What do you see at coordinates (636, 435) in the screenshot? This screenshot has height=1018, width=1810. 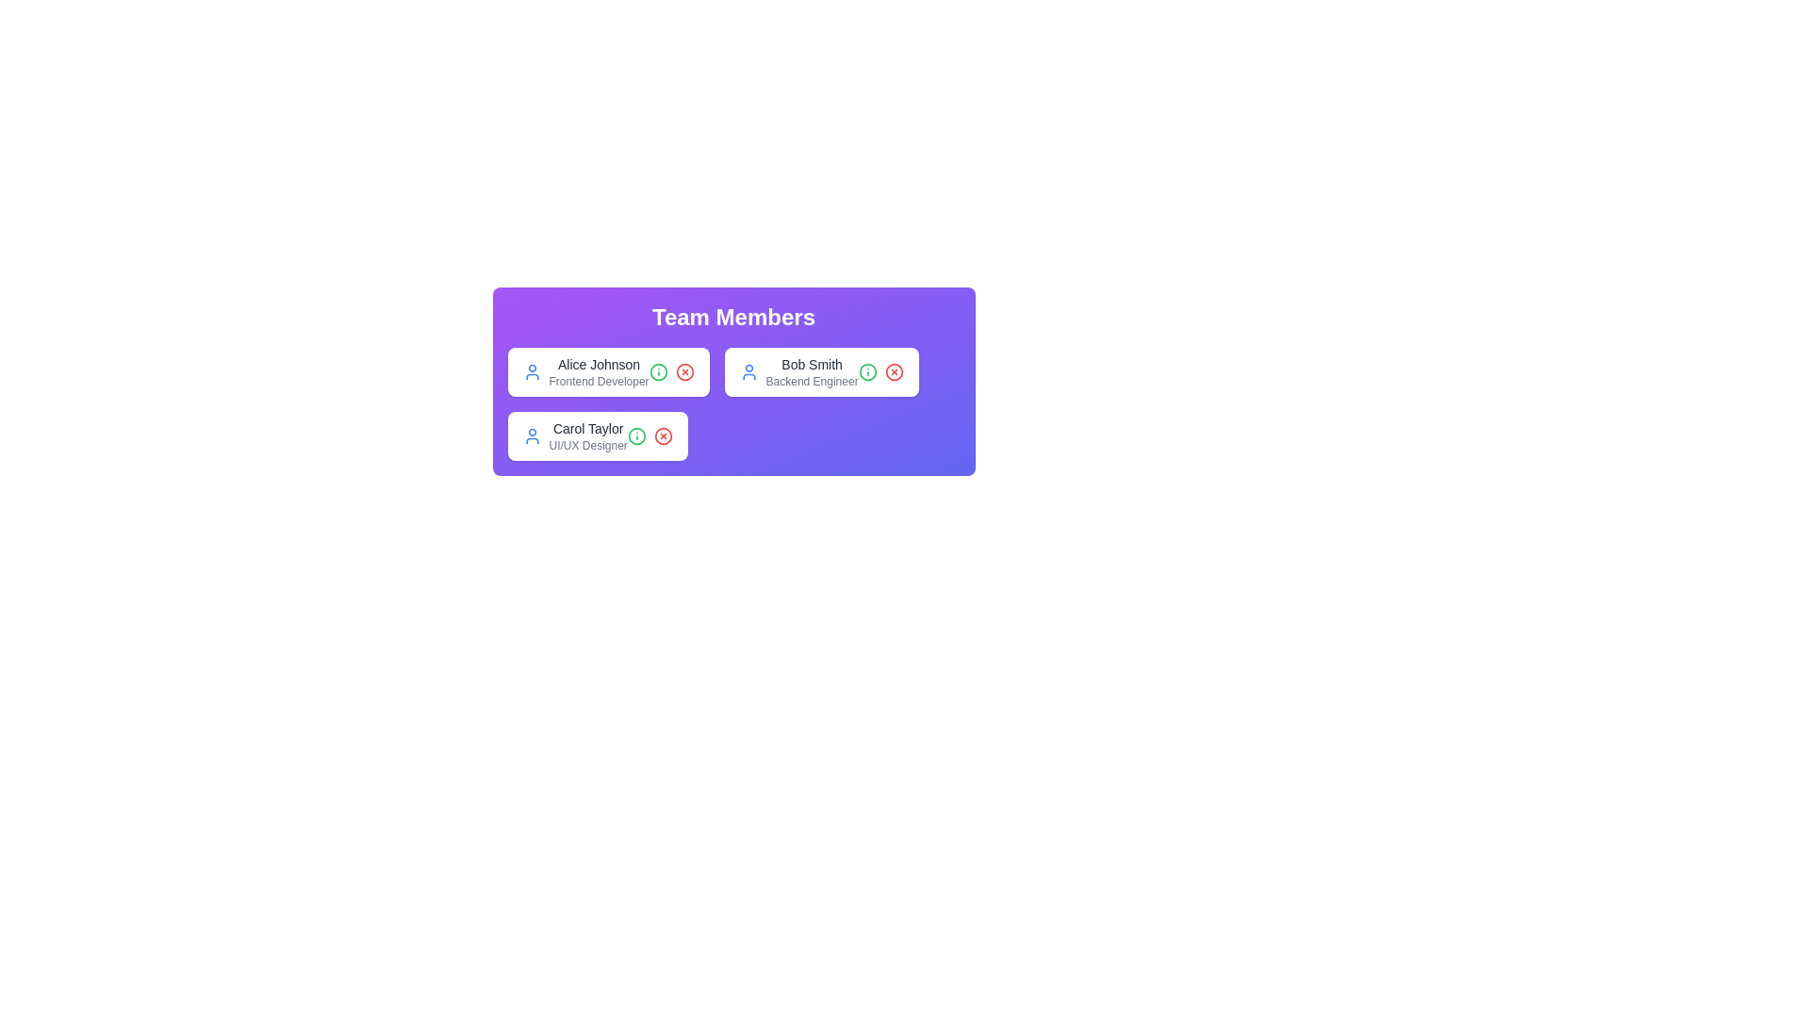 I see `the info icon for Carol Taylor to view their information` at bounding box center [636, 435].